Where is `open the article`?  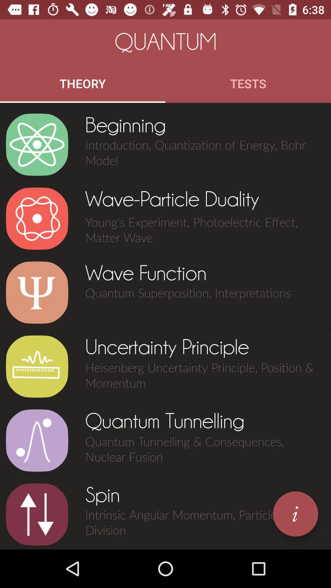
open the article is located at coordinates (37, 366).